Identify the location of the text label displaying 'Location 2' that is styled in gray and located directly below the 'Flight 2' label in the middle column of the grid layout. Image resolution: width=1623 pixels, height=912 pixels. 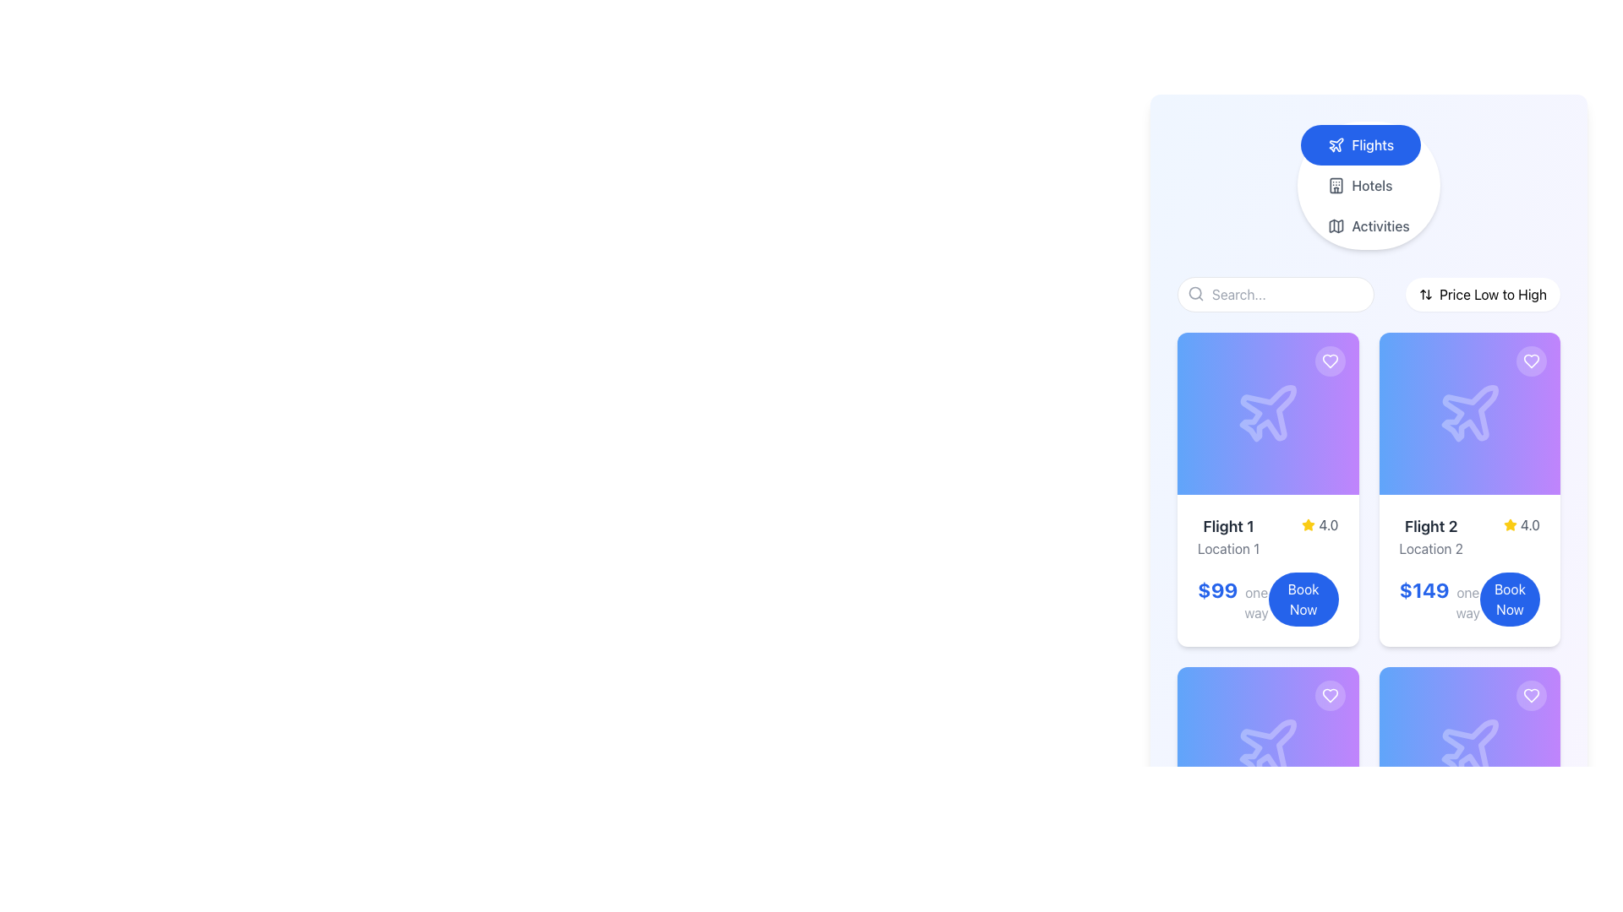
(1430, 549).